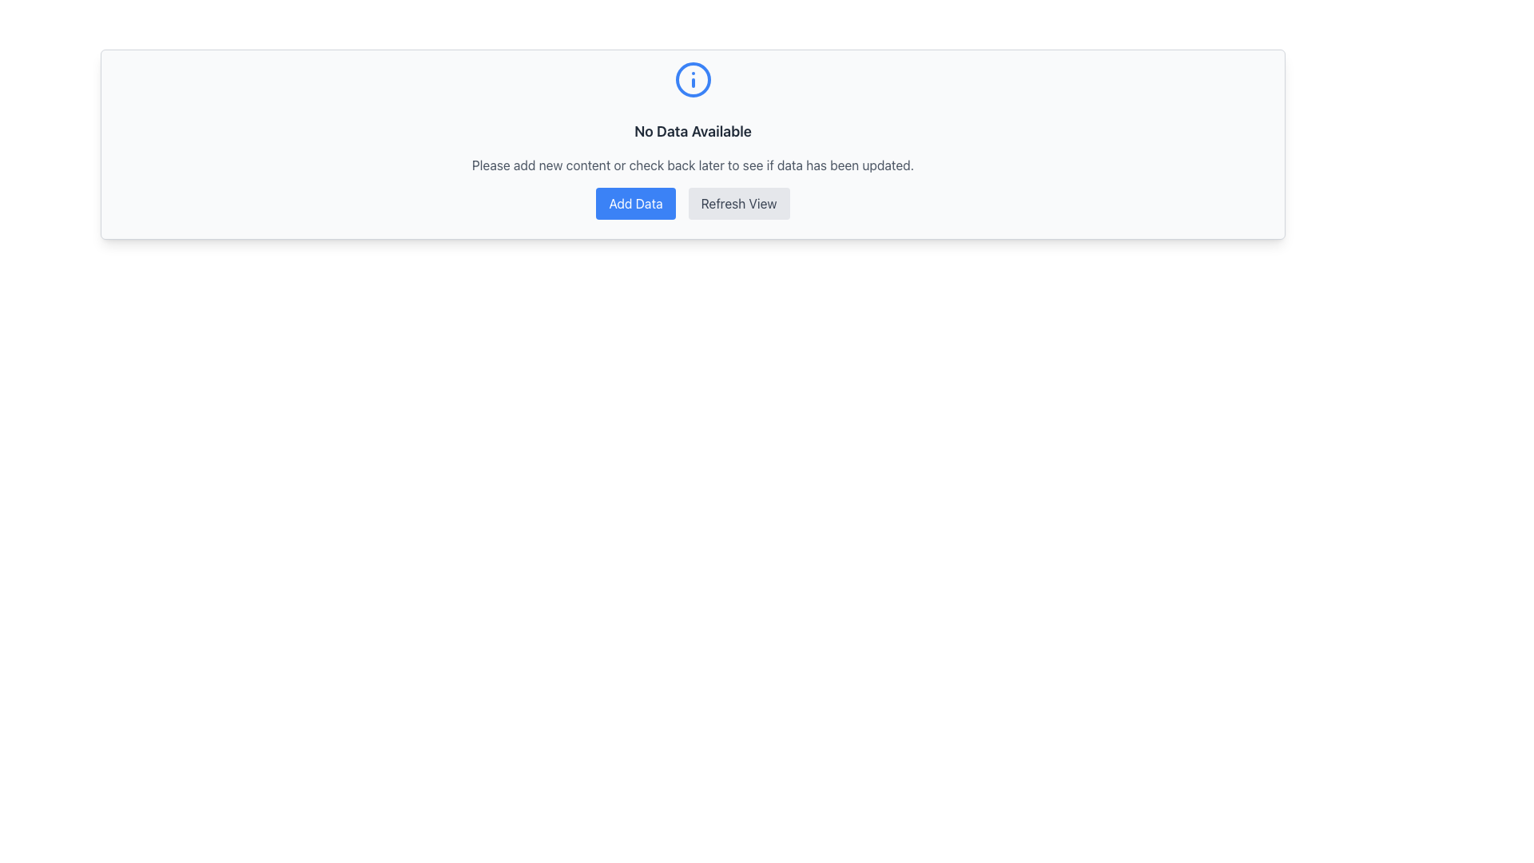  What do you see at coordinates (693, 165) in the screenshot?
I see `the text element that reads 'Please add new content or check back later` at bounding box center [693, 165].